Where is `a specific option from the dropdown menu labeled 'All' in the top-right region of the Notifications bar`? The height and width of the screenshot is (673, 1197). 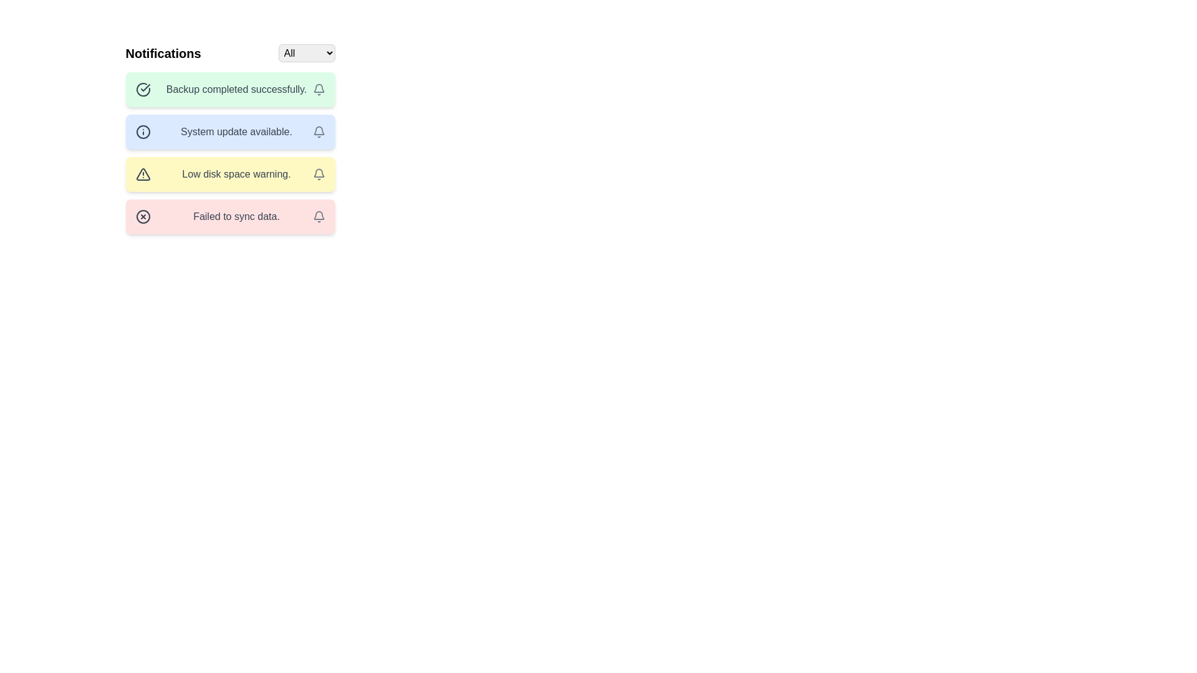 a specific option from the dropdown menu labeled 'All' in the top-right region of the Notifications bar is located at coordinates (306, 52).